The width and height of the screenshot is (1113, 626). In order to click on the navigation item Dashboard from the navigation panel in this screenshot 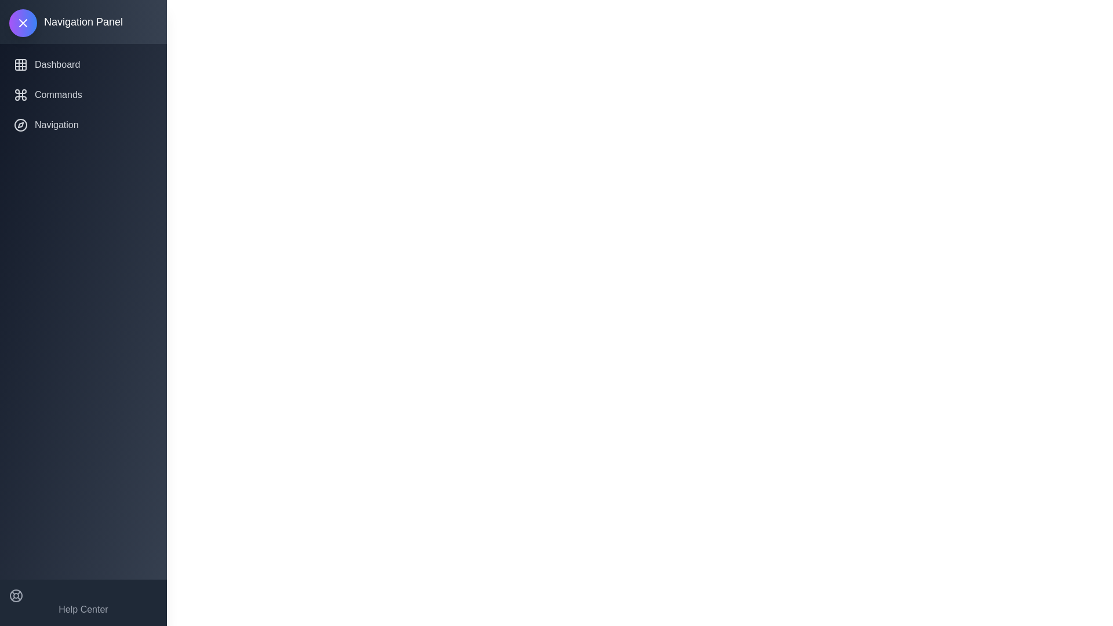, I will do `click(83, 64)`.